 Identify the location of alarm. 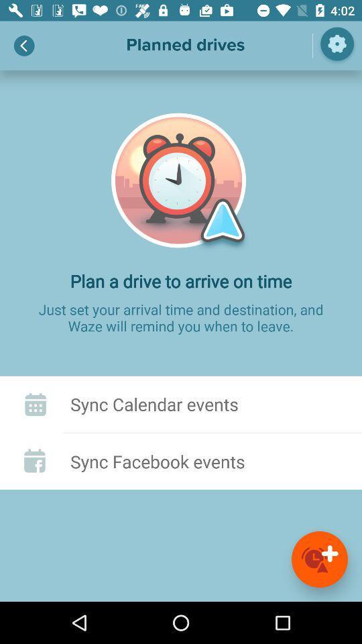
(318, 559).